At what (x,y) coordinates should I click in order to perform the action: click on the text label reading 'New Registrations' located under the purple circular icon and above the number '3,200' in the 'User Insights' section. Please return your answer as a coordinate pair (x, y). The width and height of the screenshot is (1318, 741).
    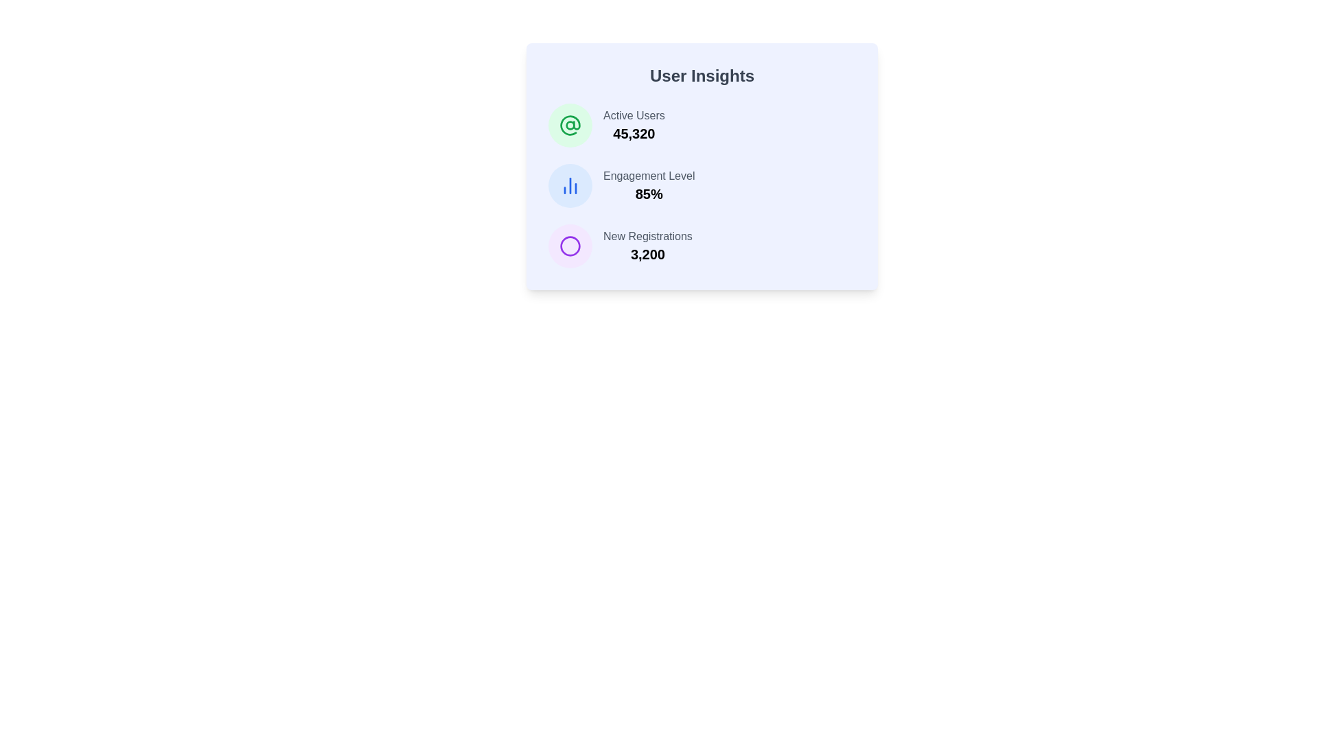
    Looking at the image, I should click on (647, 235).